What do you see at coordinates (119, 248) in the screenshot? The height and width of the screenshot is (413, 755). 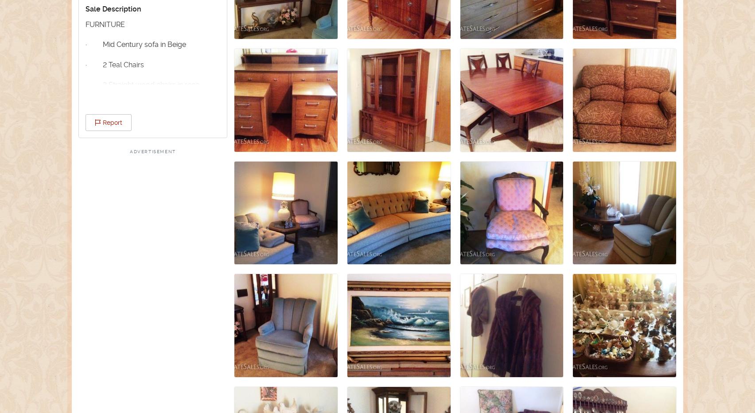 I see `'·         Matching hutch'` at bounding box center [119, 248].